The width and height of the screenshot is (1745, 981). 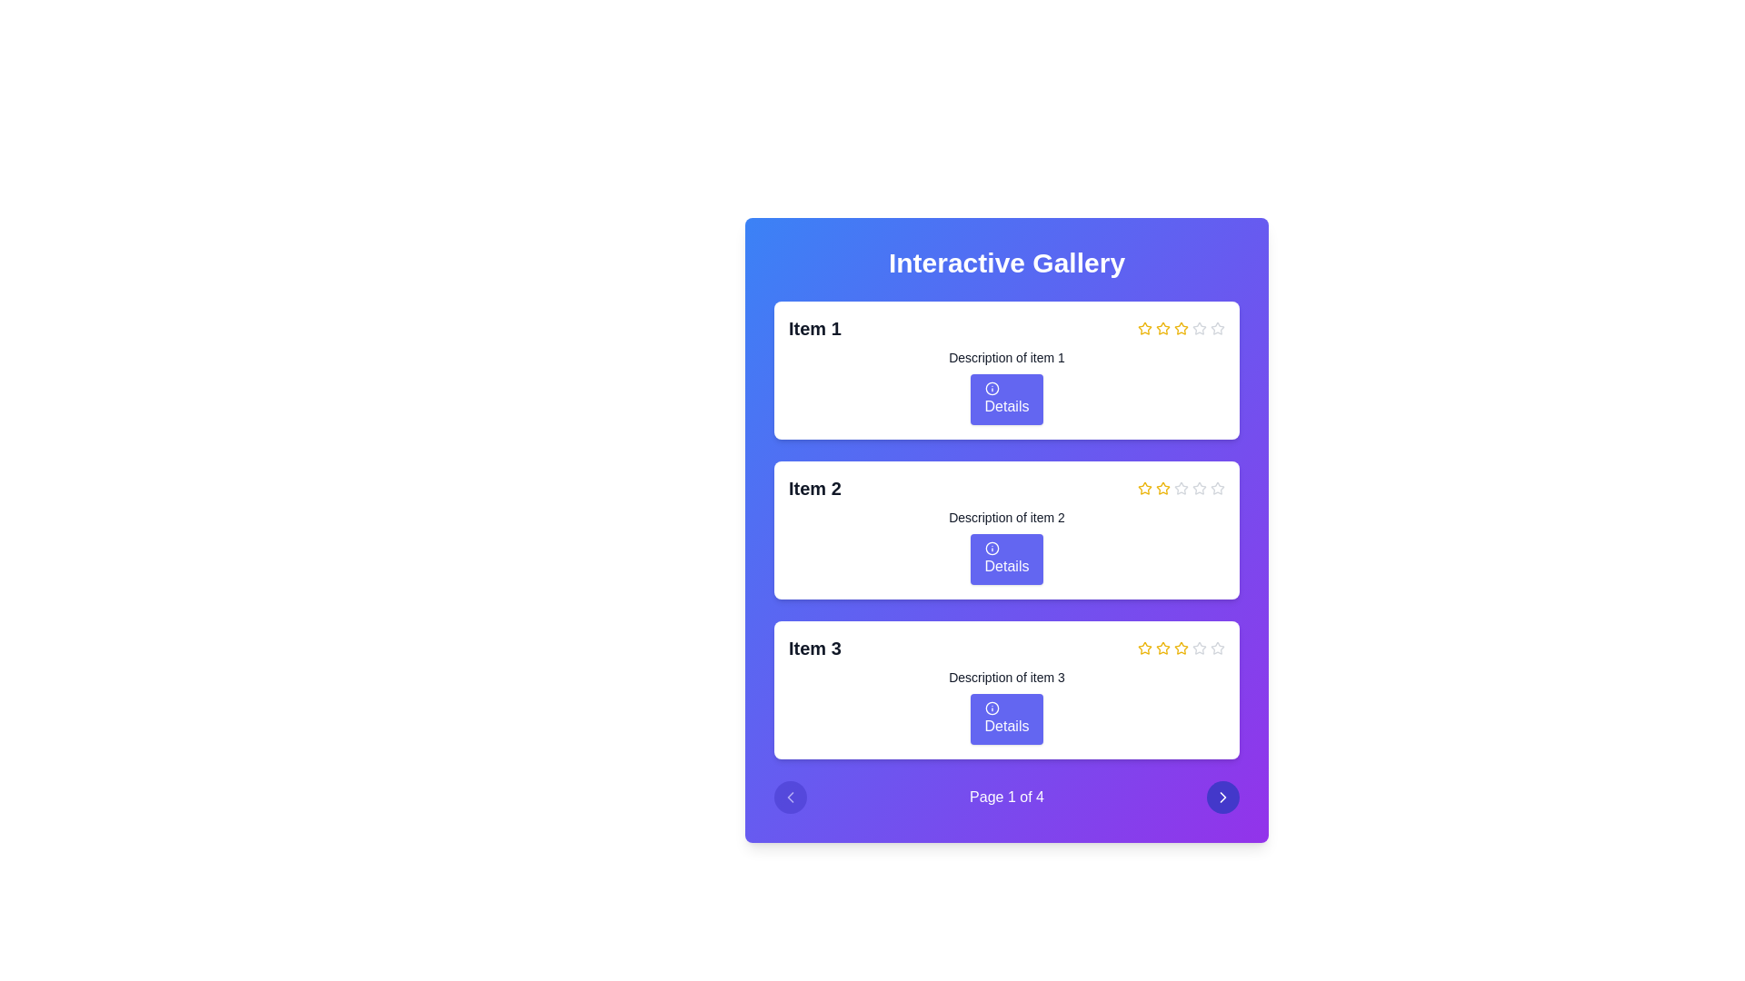 What do you see at coordinates (1006, 559) in the screenshot?
I see `the button located in the second card of the 'Interactive Gallery' section` at bounding box center [1006, 559].